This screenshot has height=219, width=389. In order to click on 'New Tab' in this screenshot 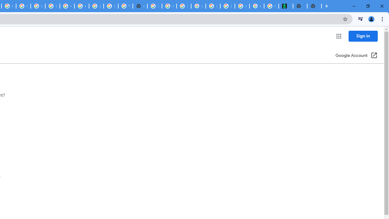, I will do `click(314, 6)`.